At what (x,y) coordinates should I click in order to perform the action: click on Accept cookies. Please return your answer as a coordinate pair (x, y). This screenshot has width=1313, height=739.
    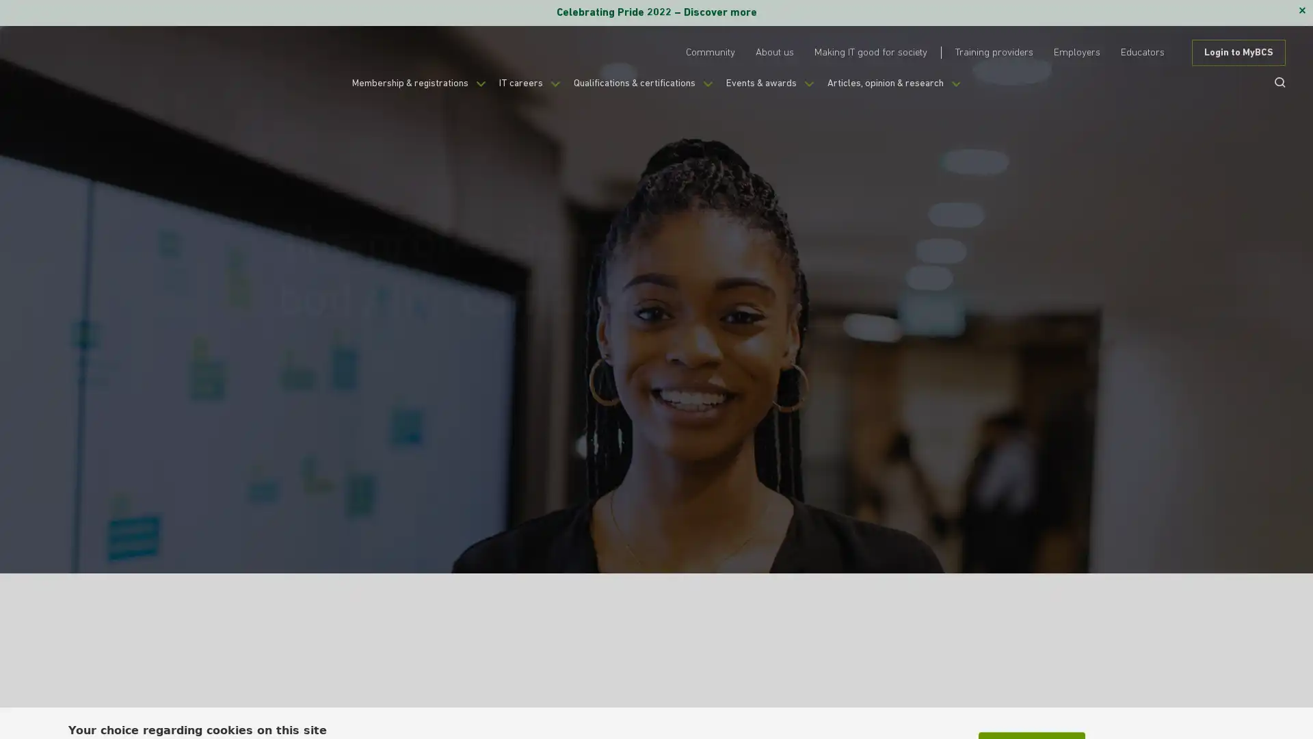
    Looking at the image, I should click on (1031, 702).